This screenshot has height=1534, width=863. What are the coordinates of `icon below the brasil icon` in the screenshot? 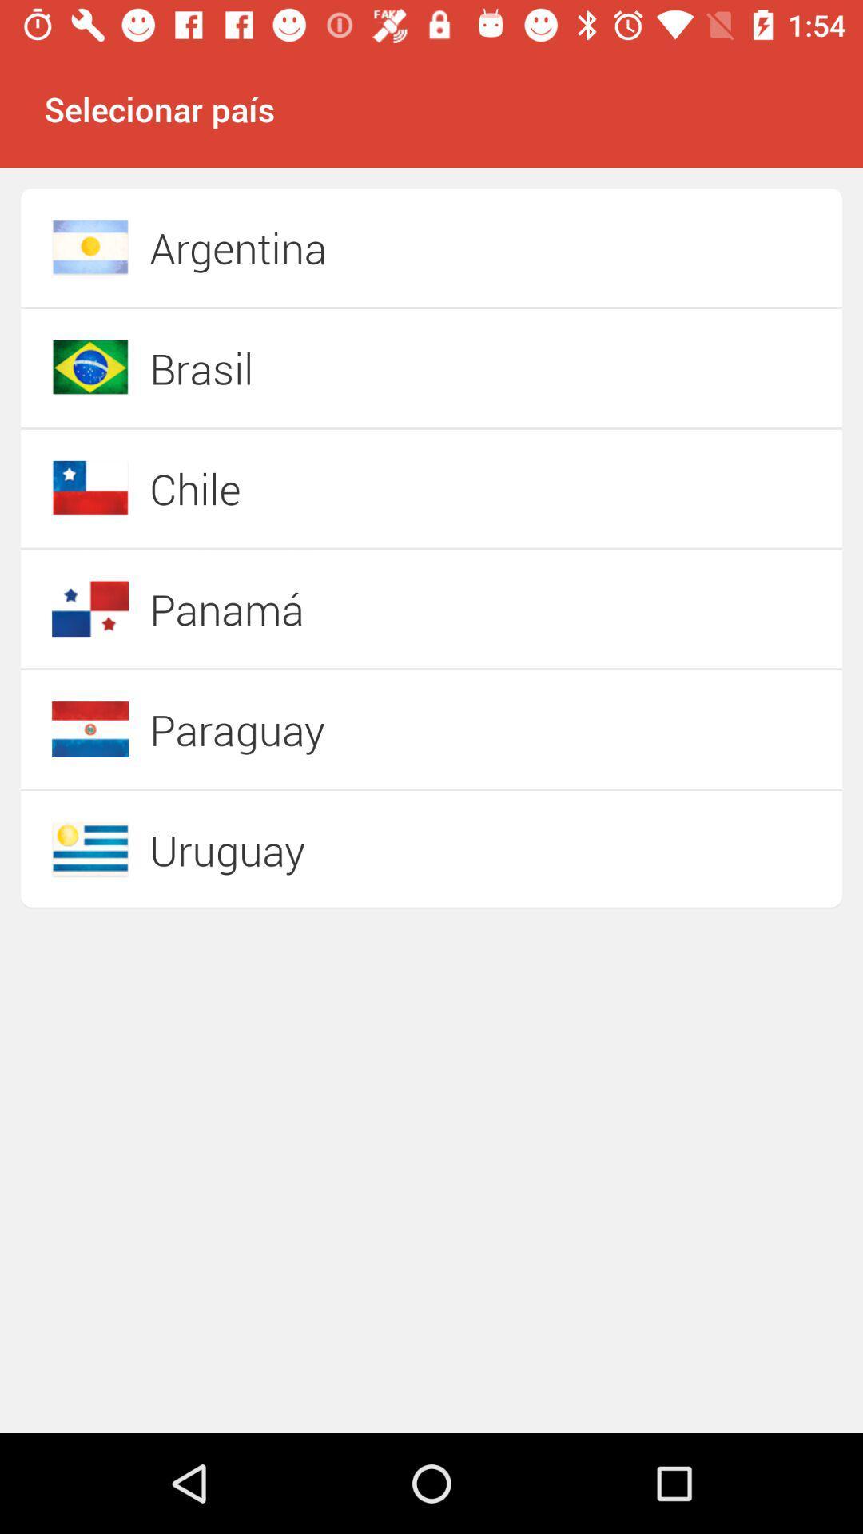 It's located at (375, 487).